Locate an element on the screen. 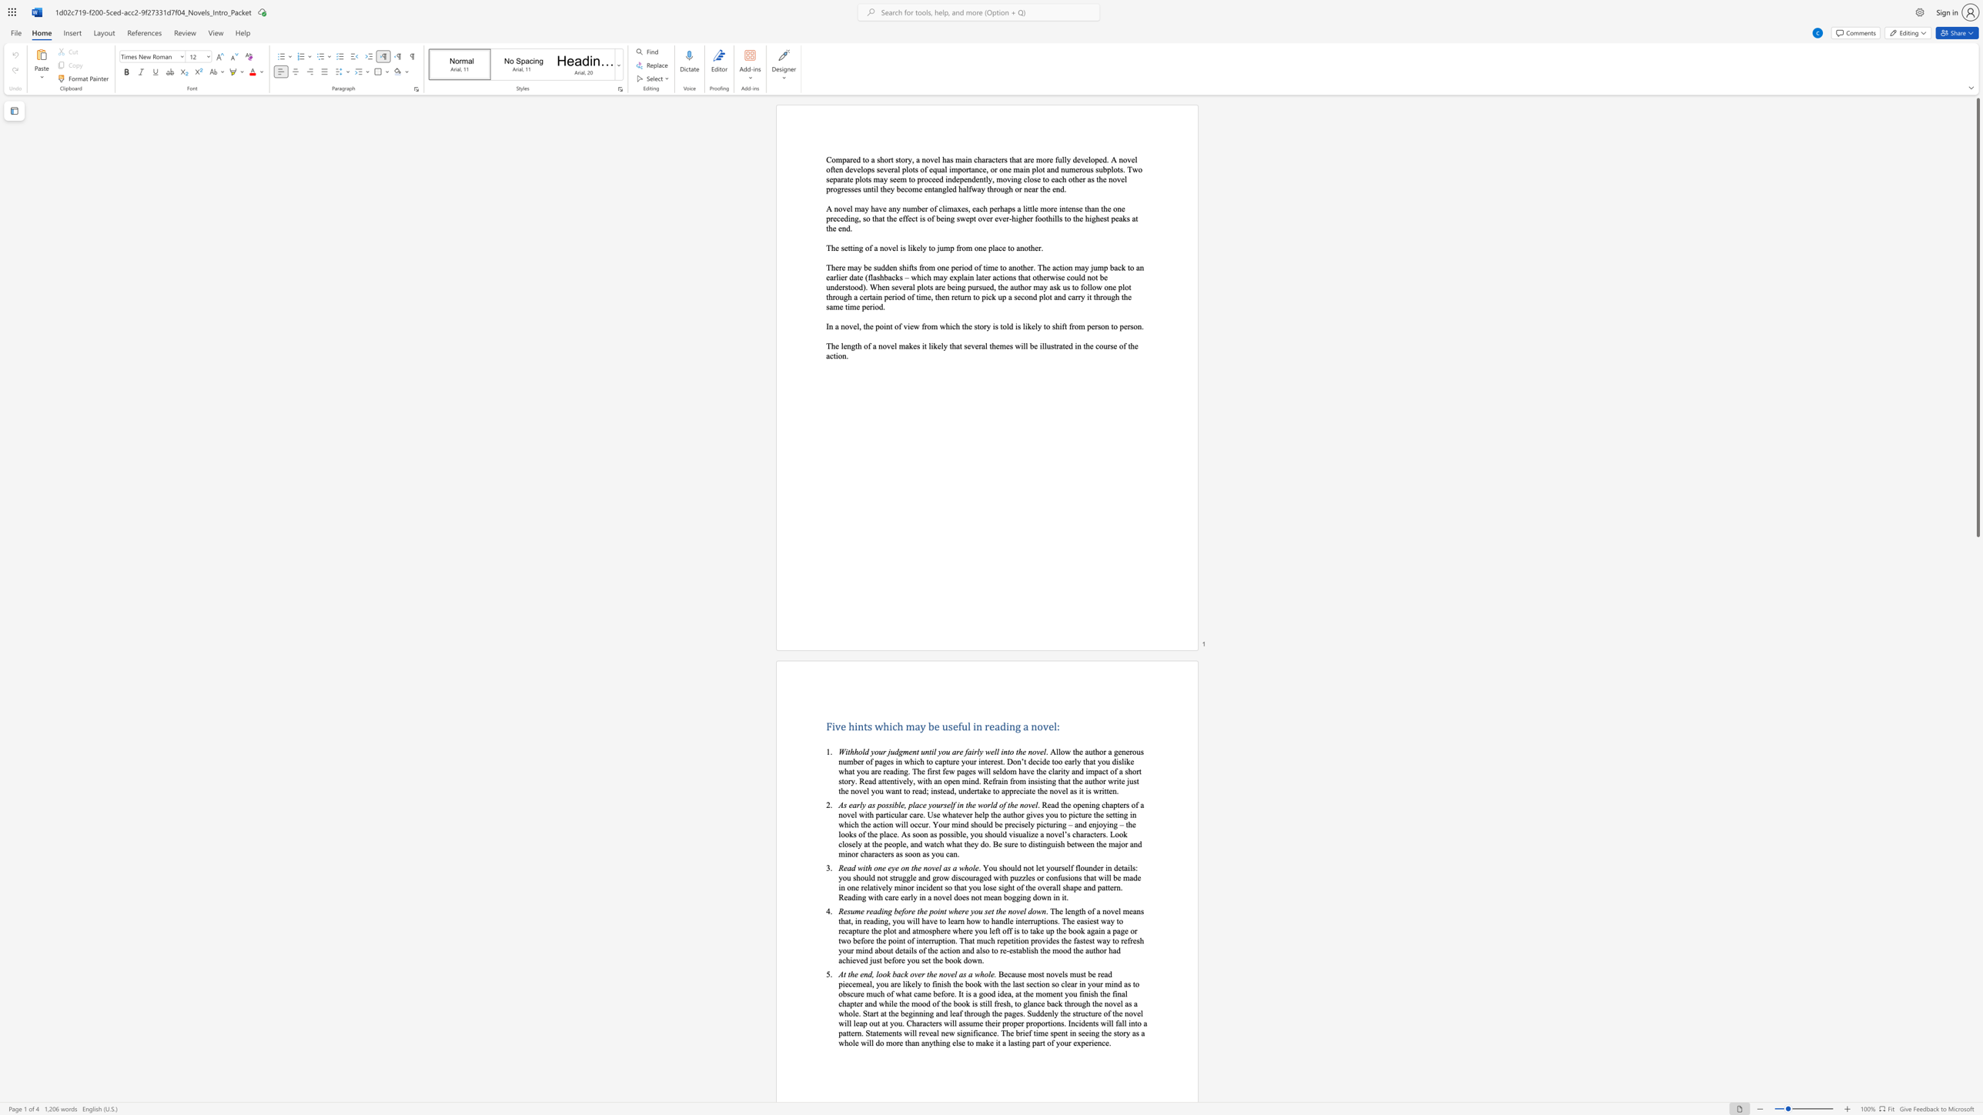  the subset text "ne relatively minor incident so that you lose sight of the overall" within the text ". You should not let yourself flounder in details: you should not struggle and grow discouraged with puzzles or confusions that will be made in one relatively minor incident so that you lose sight of the overall shape and pattern. Reading with care early in a novel does not mean bogging down in it." is located at coordinates (851, 886).